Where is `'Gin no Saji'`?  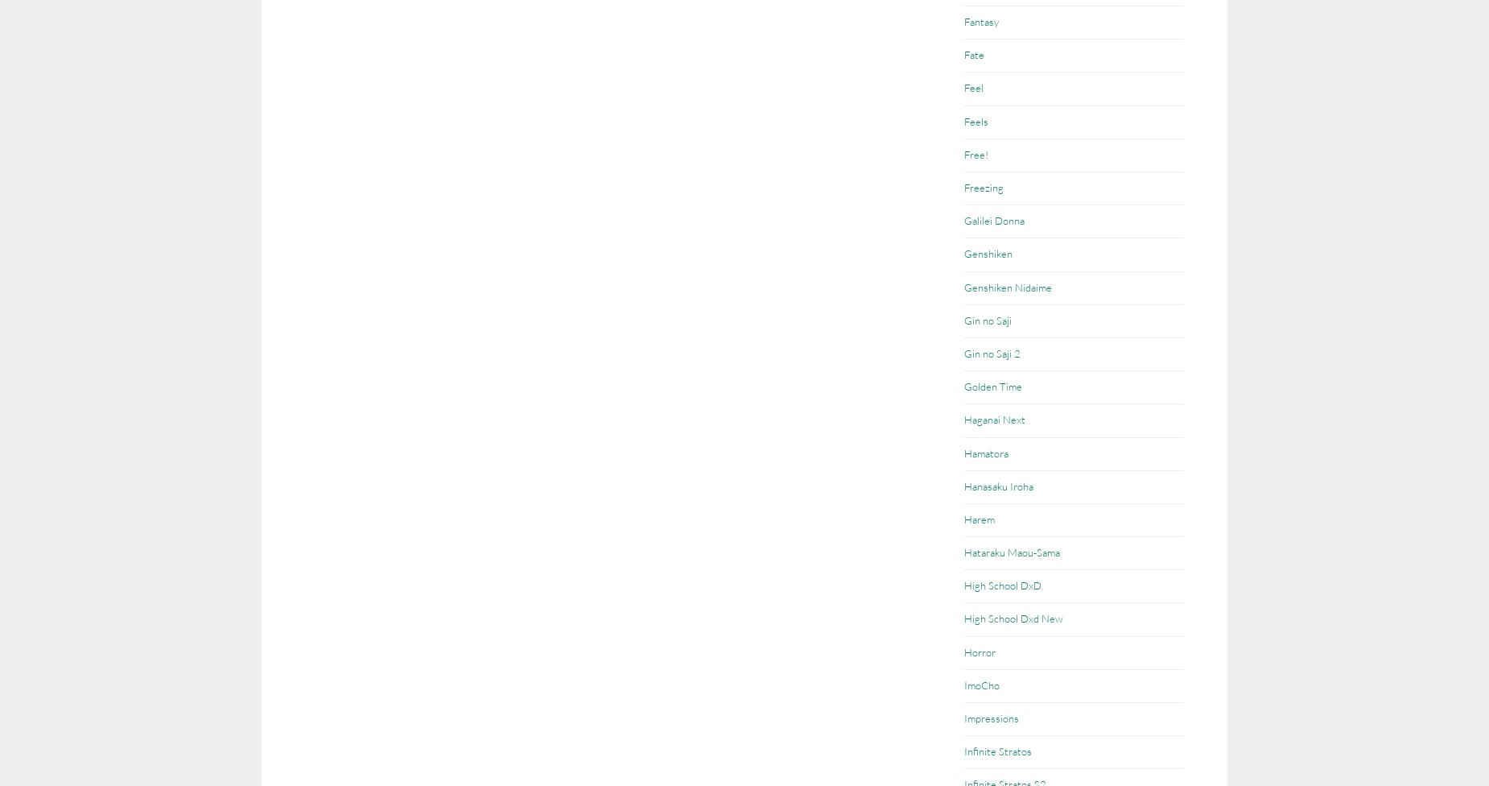
'Gin no Saji' is located at coordinates (987, 319).